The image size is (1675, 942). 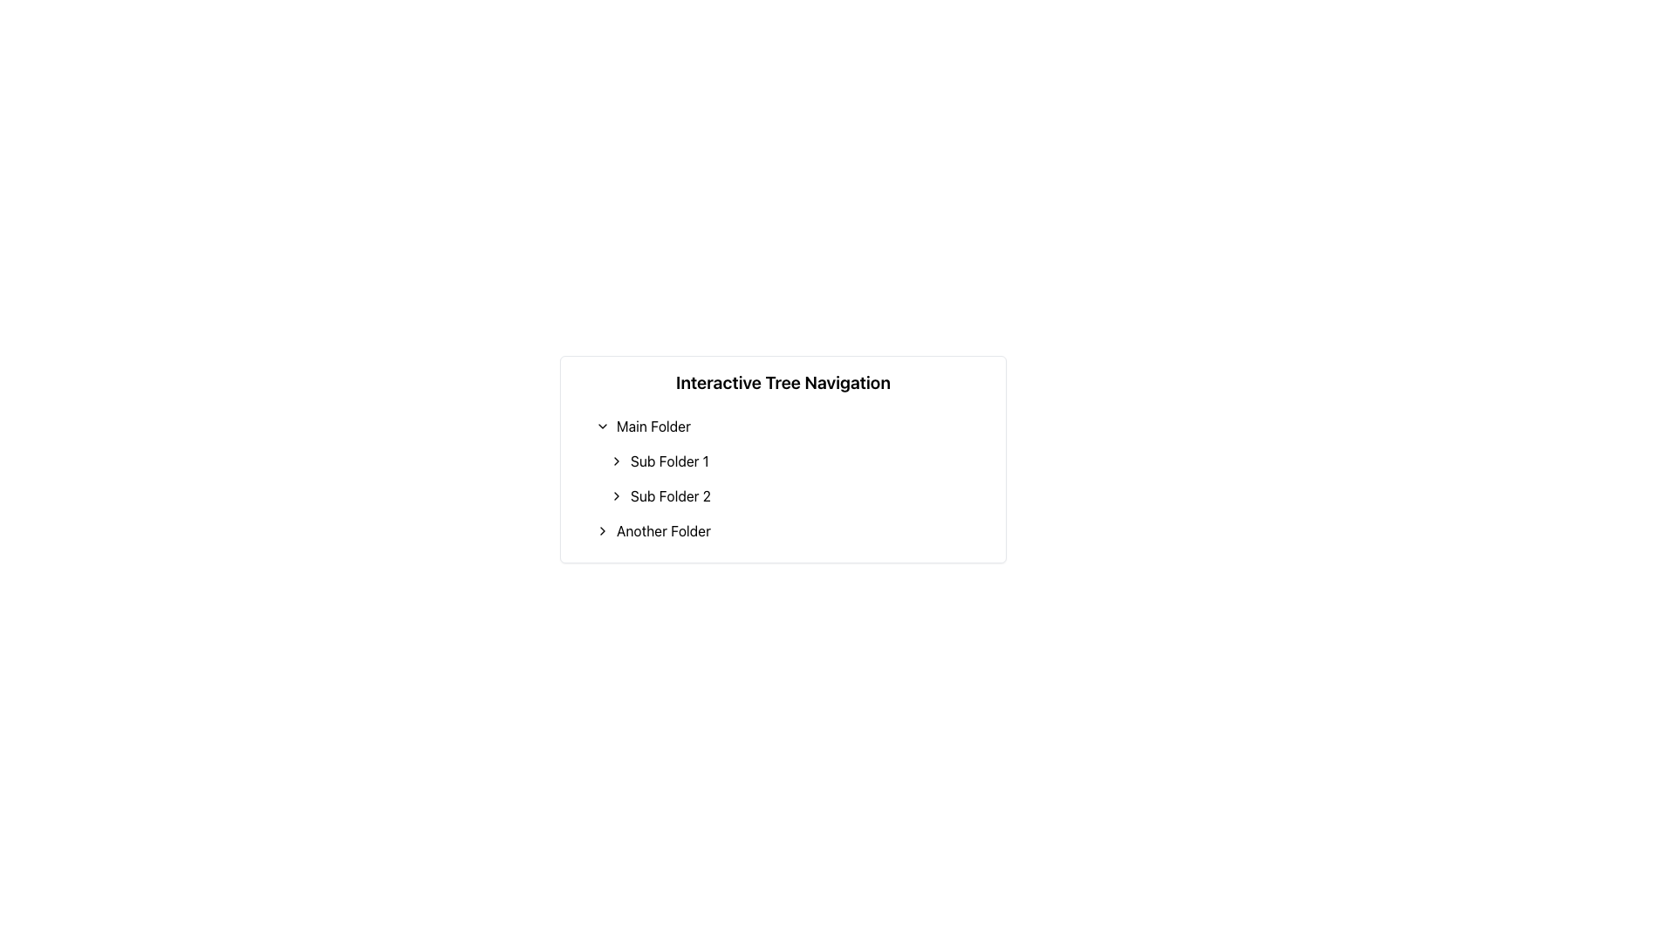 I want to click on the 'Sub Folder 2' label in the tree navigation structure, so click(x=669, y=496).